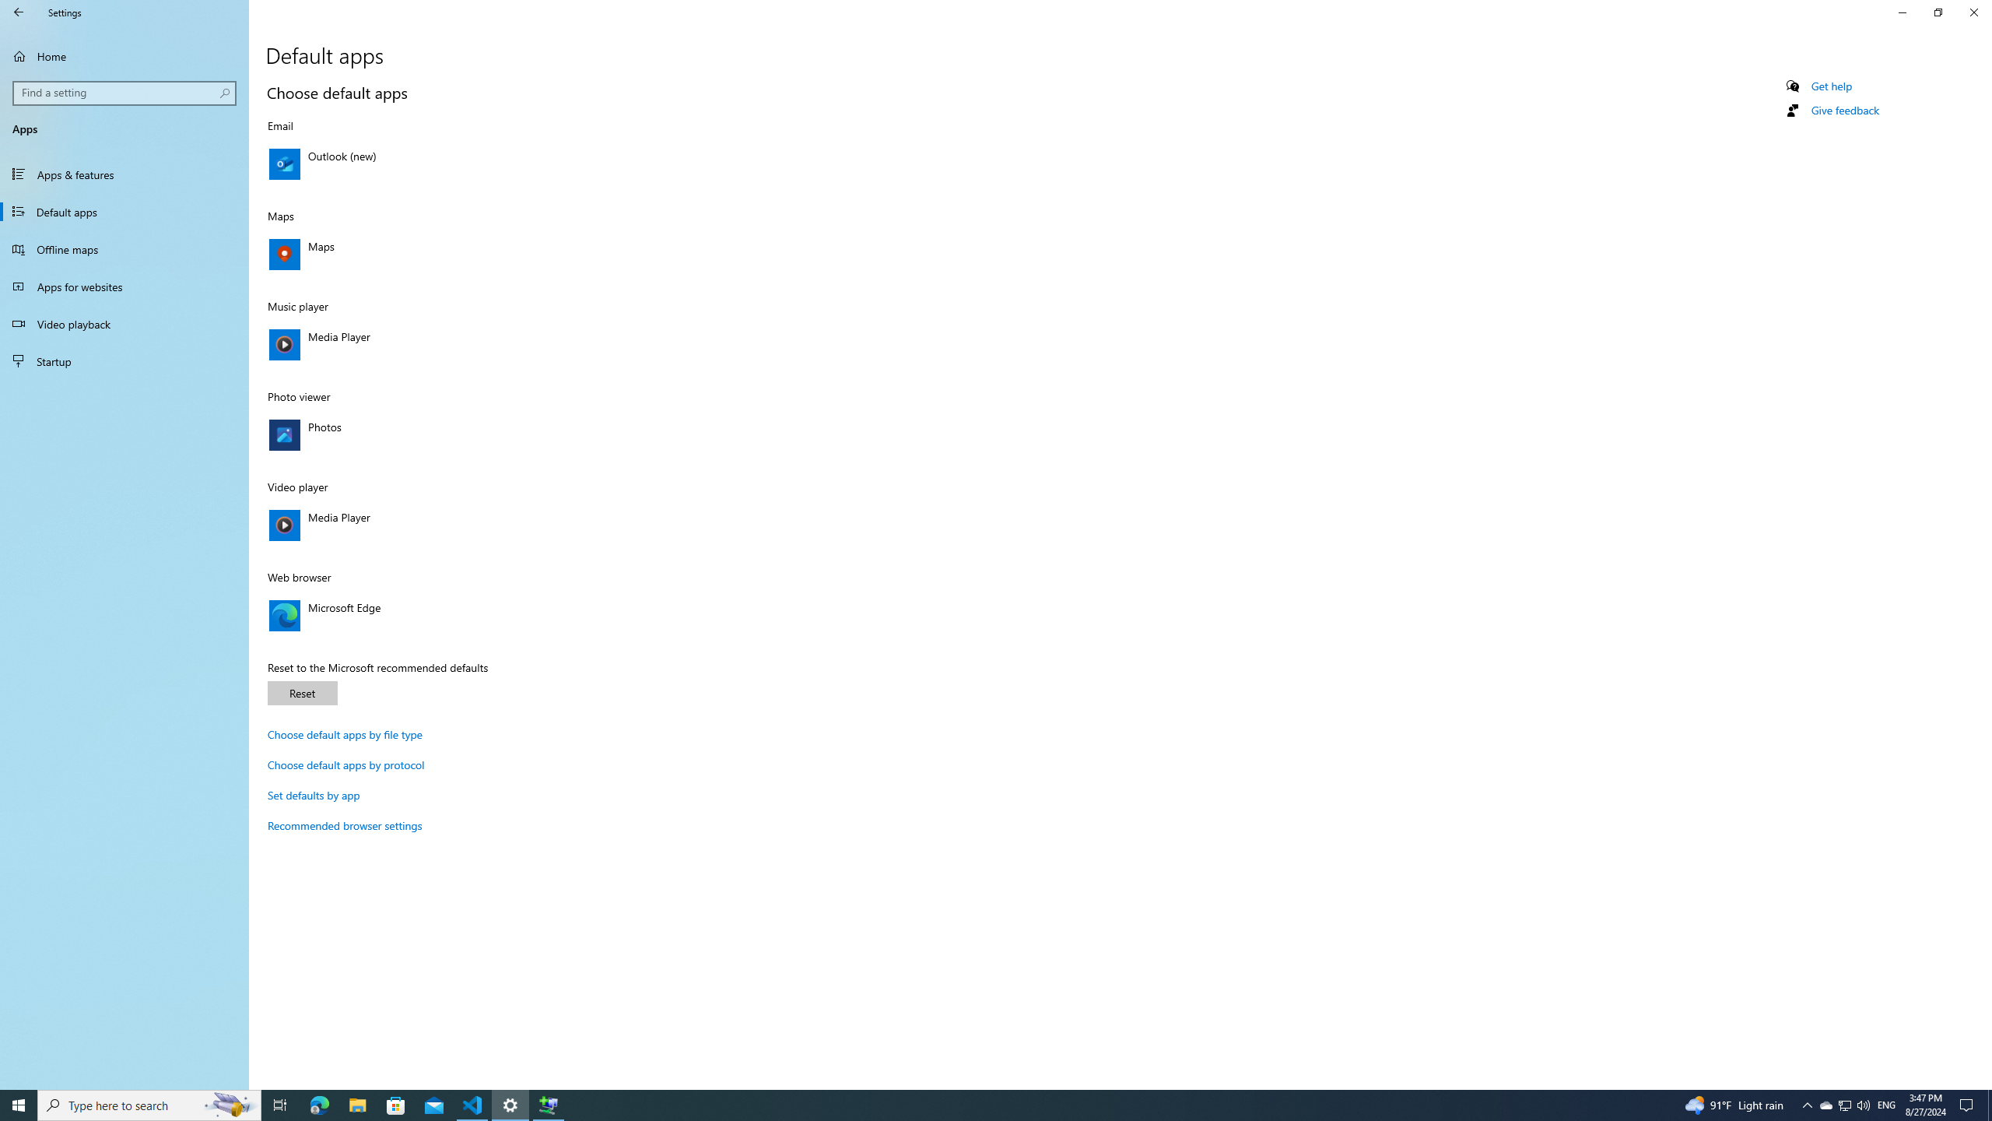  Describe the element at coordinates (343, 825) in the screenshot. I see `'Recommended browser settings'` at that location.